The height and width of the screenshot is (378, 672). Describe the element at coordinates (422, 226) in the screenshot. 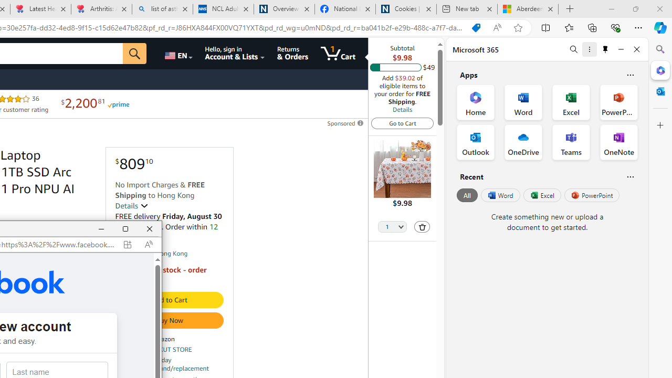

I see `'Delete'` at that location.